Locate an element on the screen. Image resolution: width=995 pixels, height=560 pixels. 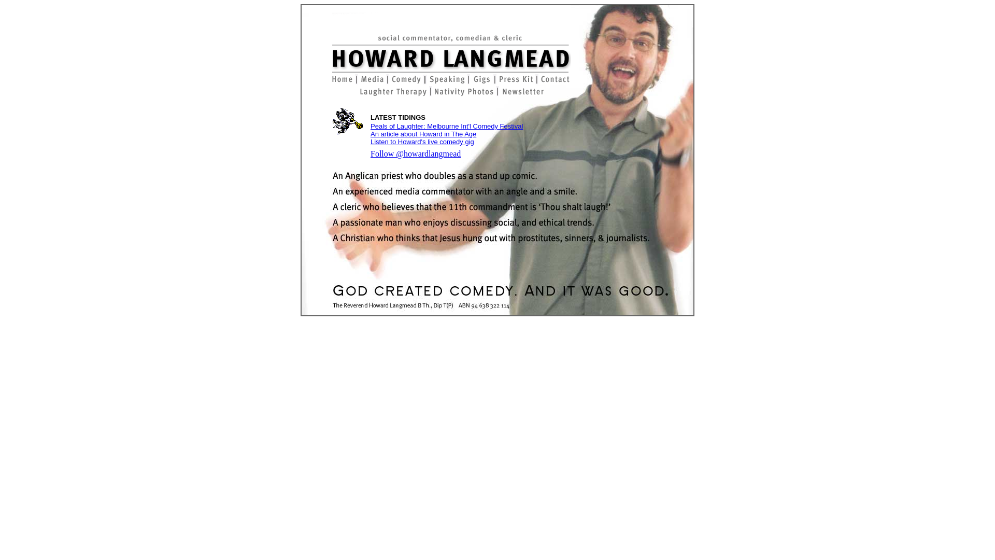
'Follow @howardlangmead' is located at coordinates (415, 153).